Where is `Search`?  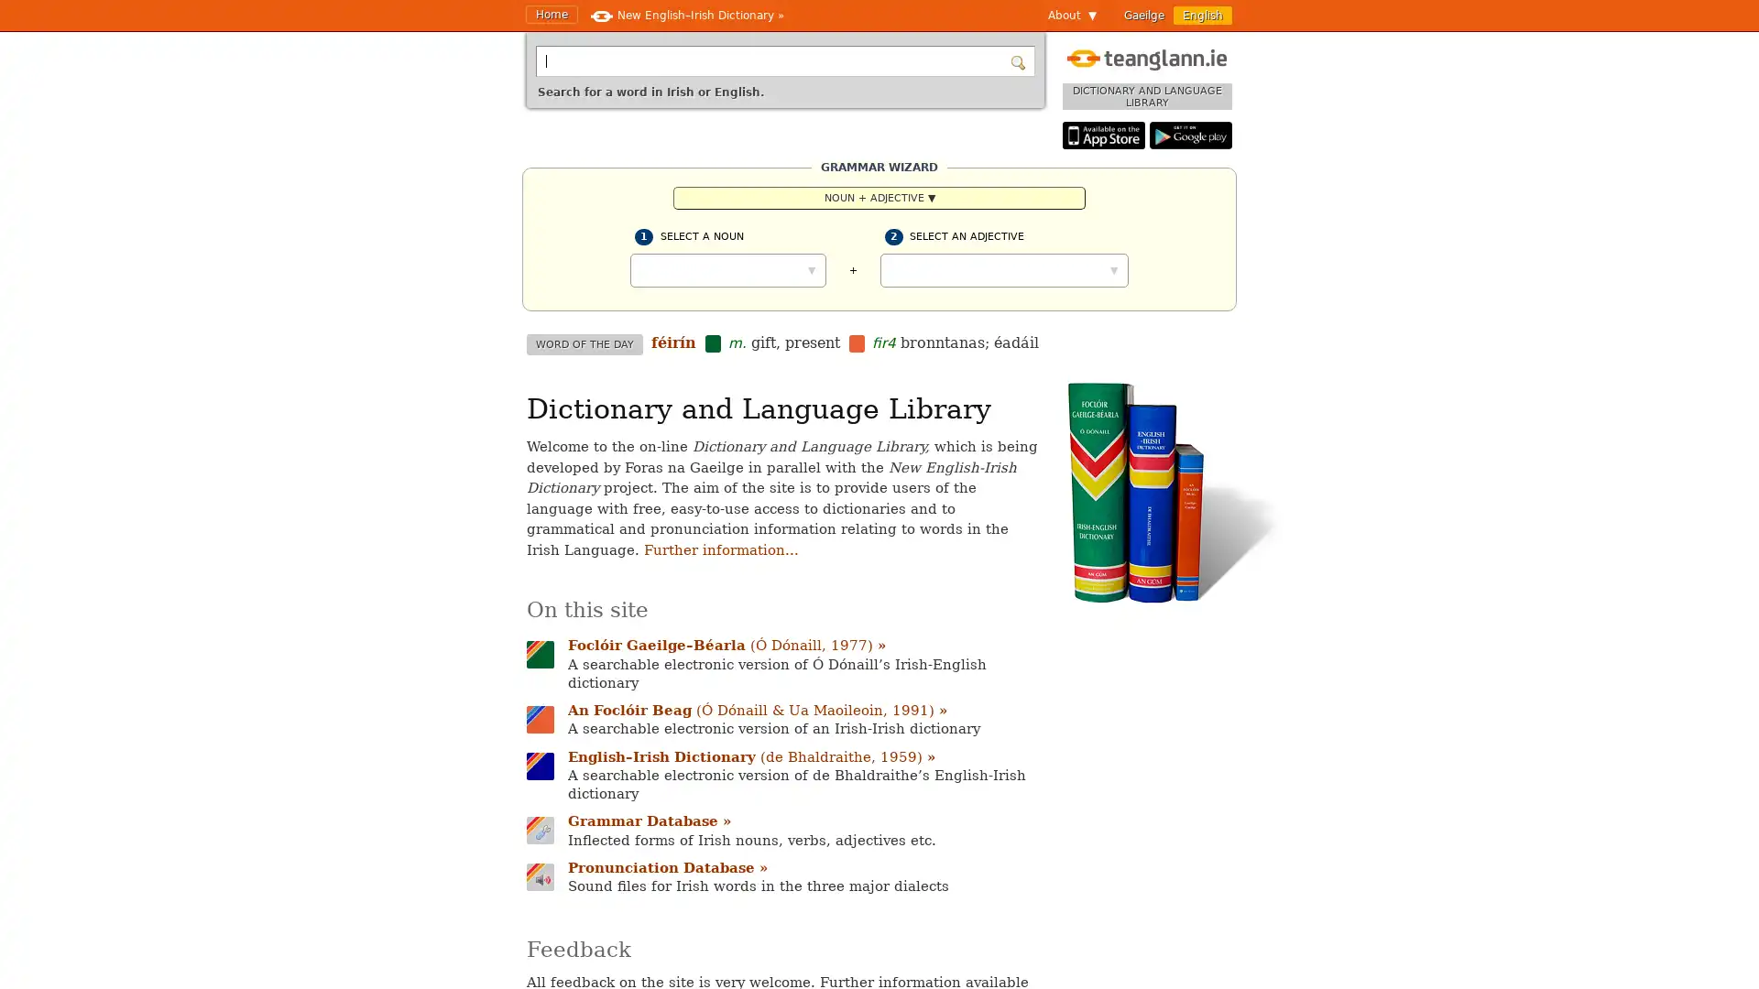 Search is located at coordinates (1019, 60).